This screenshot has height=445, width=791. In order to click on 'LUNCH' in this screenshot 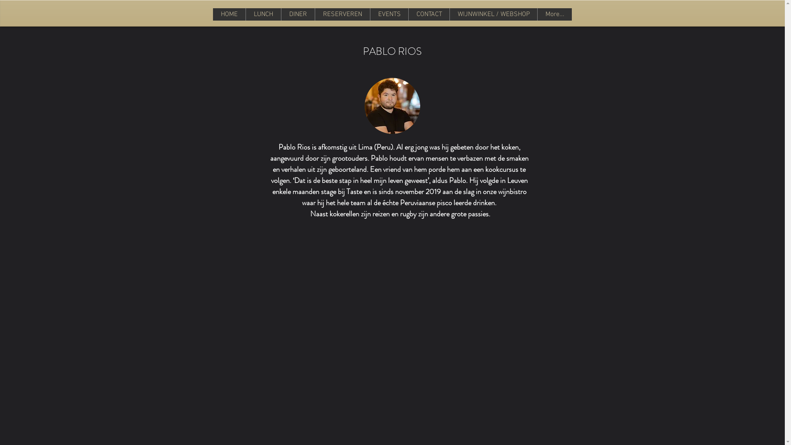, I will do `click(262, 14)`.